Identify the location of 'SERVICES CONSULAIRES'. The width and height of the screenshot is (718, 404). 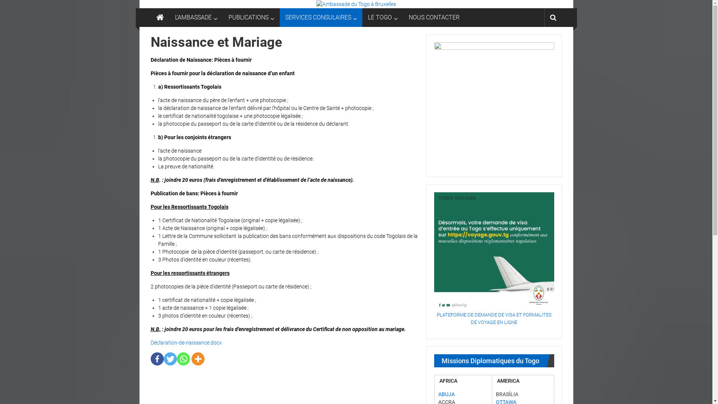
(285, 17).